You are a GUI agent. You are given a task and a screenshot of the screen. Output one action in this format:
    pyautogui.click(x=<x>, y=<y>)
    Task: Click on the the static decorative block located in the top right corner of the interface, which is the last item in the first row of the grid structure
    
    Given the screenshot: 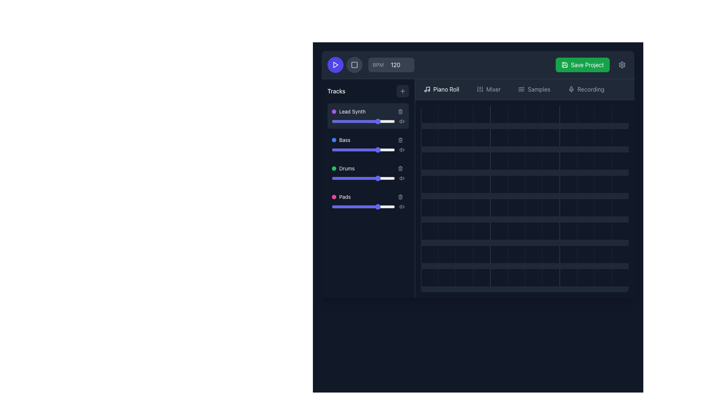 What is the action you would take?
    pyautogui.click(x=620, y=114)
    